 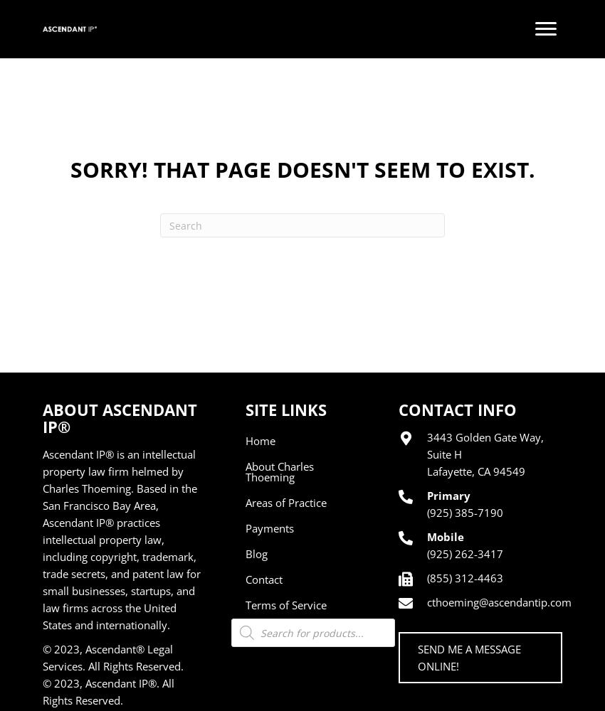 What do you see at coordinates (69, 169) in the screenshot?
I see `'Sorry! That page doesn't seem to exist.'` at bounding box center [69, 169].